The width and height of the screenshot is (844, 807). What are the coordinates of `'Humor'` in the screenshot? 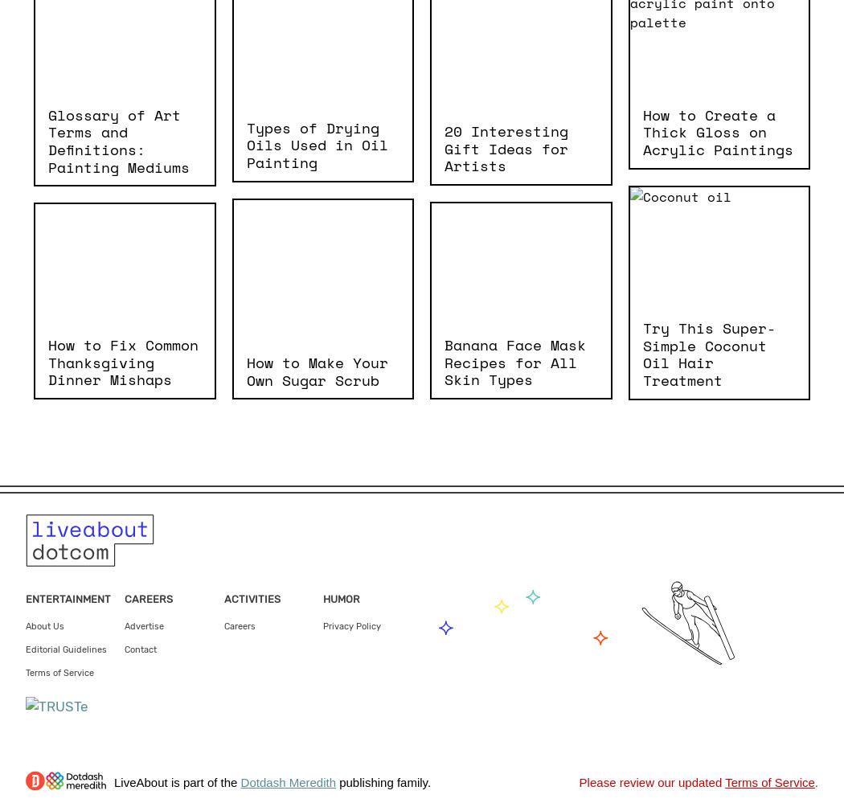 It's located at (339, 597).